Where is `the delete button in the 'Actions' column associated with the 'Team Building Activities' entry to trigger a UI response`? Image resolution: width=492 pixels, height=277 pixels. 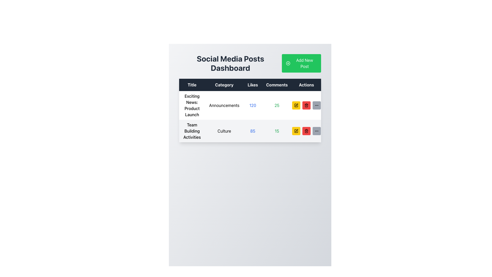
the delete button in the 'Actions' column associated with the 'Team Building Activities' entry to trigger a UI response is located at coordinates (306, 131).